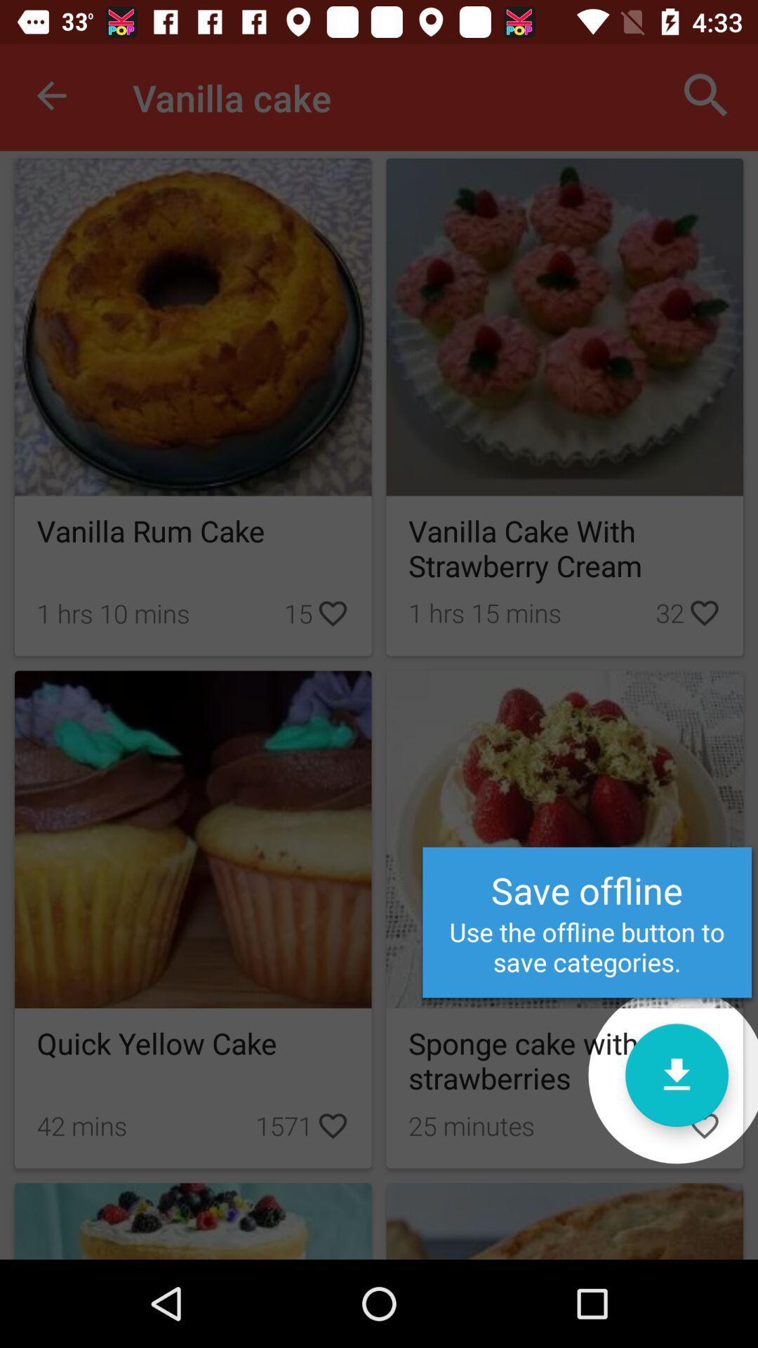  I want to click on the file_download icon, so click(676, 1074).